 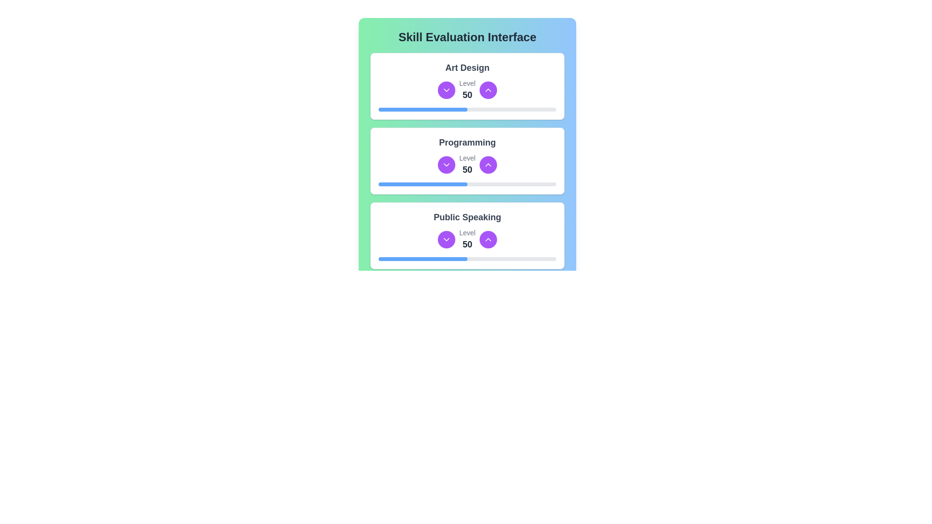 What do you see at coordinates (438, 258) in the screenshot?
I see `the slider value` at bounding box center [438, 258].